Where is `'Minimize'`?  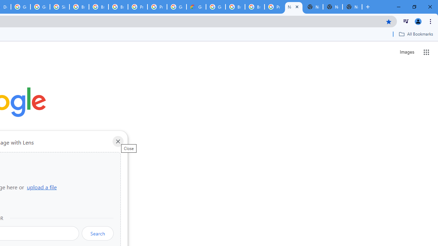
'Minimize' is located at coordinates (399, 7).